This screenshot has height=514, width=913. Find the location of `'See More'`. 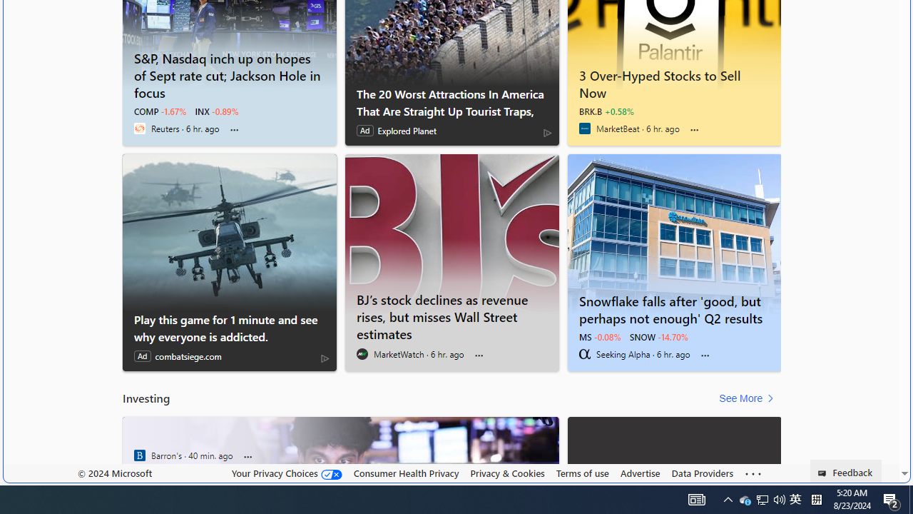

'See More' is located at coordinates (748, 398).